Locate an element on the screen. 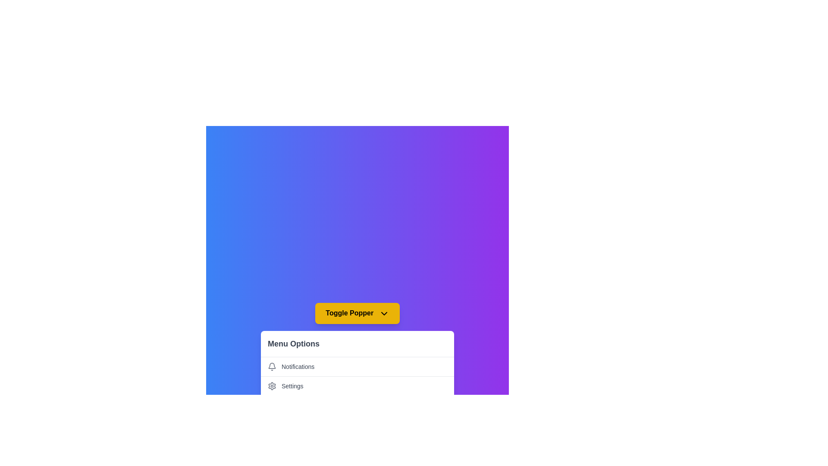 This screenshot has width=828, height=466. the 'Settings' button located in the second row of the dropdown menu labeled 'Menu Options' is located at coordinates (358, 385).